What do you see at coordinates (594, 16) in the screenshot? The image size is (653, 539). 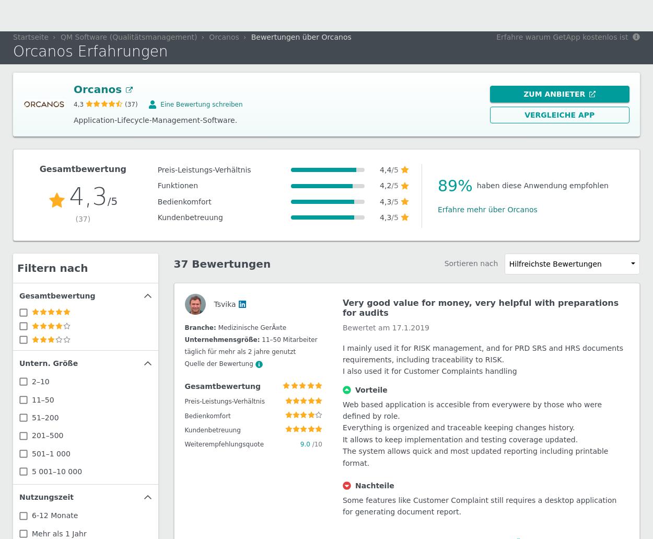 I see `'Durchsuchen'` at bounding box center [594, 16].